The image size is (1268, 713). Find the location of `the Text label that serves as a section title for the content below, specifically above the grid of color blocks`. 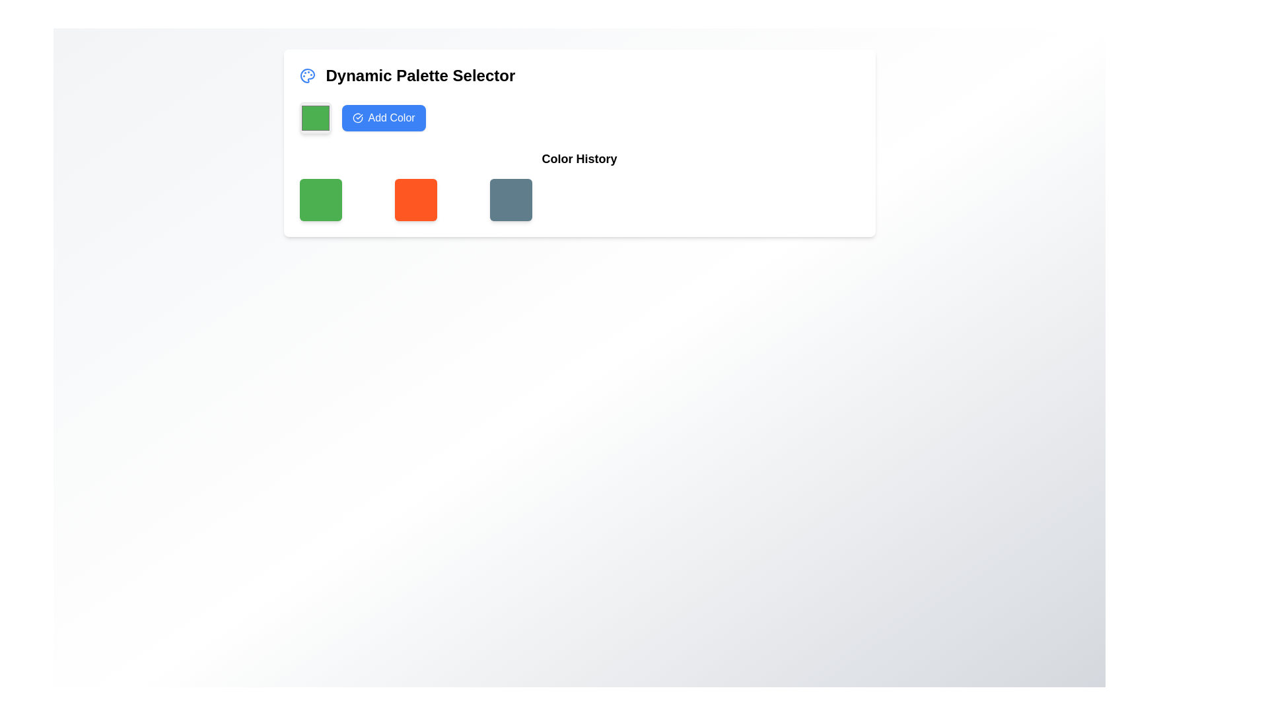

the Text label that serves as a section title for the content below, specifically above the grid of color blocks is located at coordinates (579, 158).